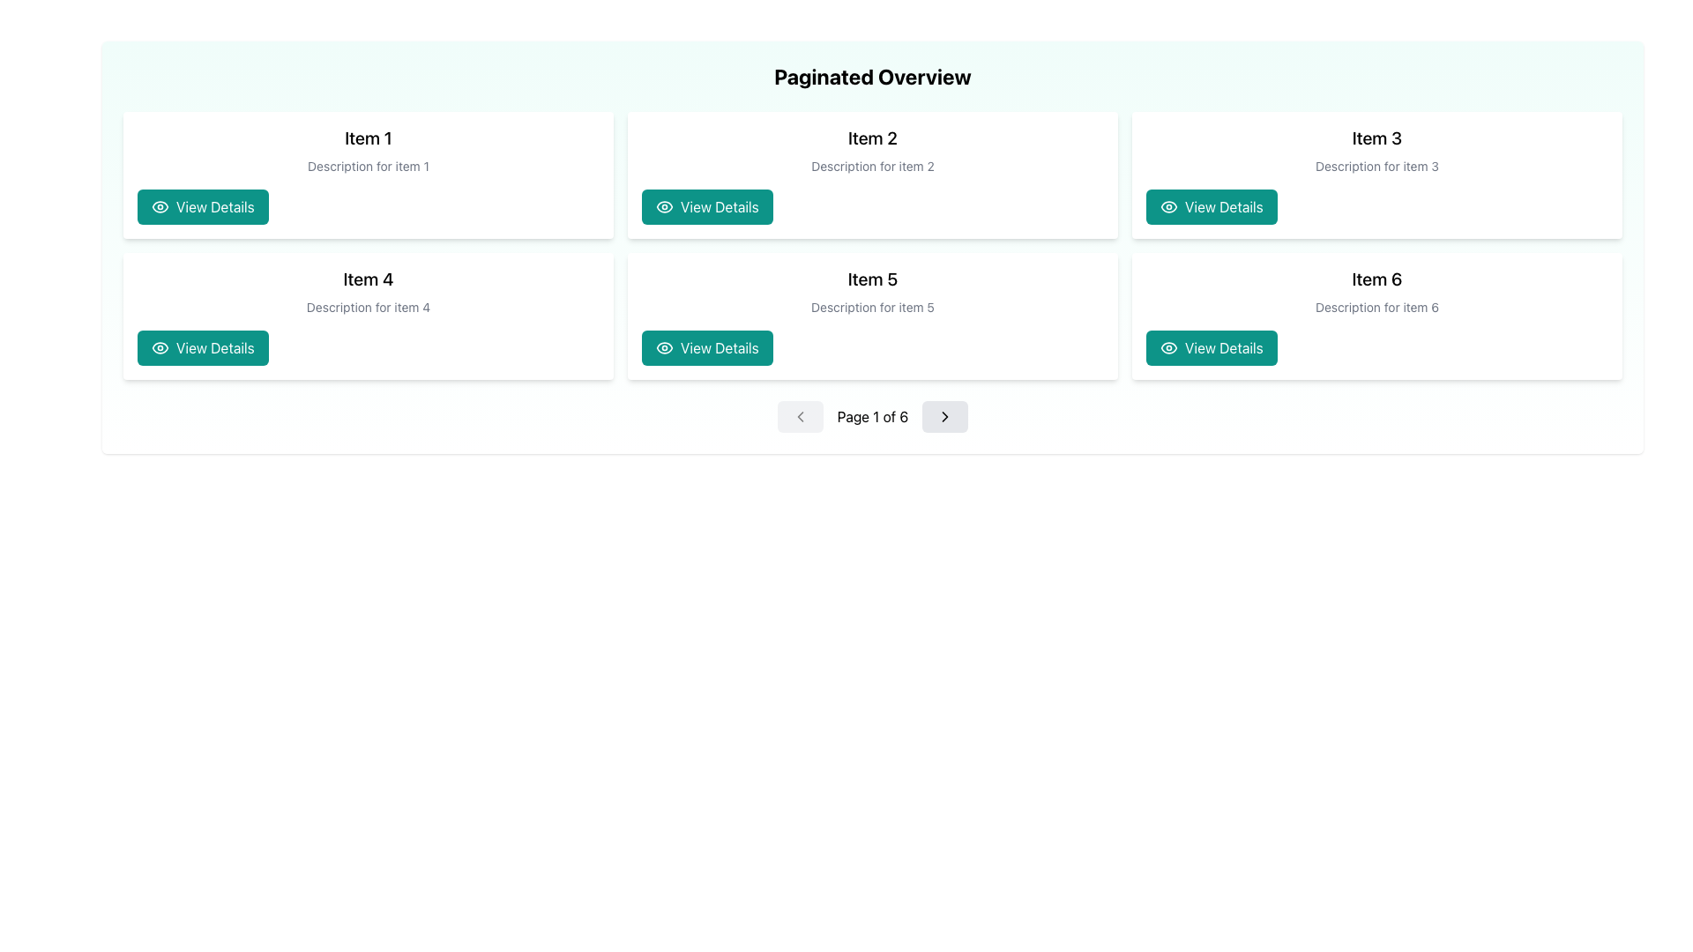 The height and width of the screenshot is (952, 1693). I want to click on the prominent header text label located at the top of the card in the second row and first column of the grid layout, so click(367, 278).